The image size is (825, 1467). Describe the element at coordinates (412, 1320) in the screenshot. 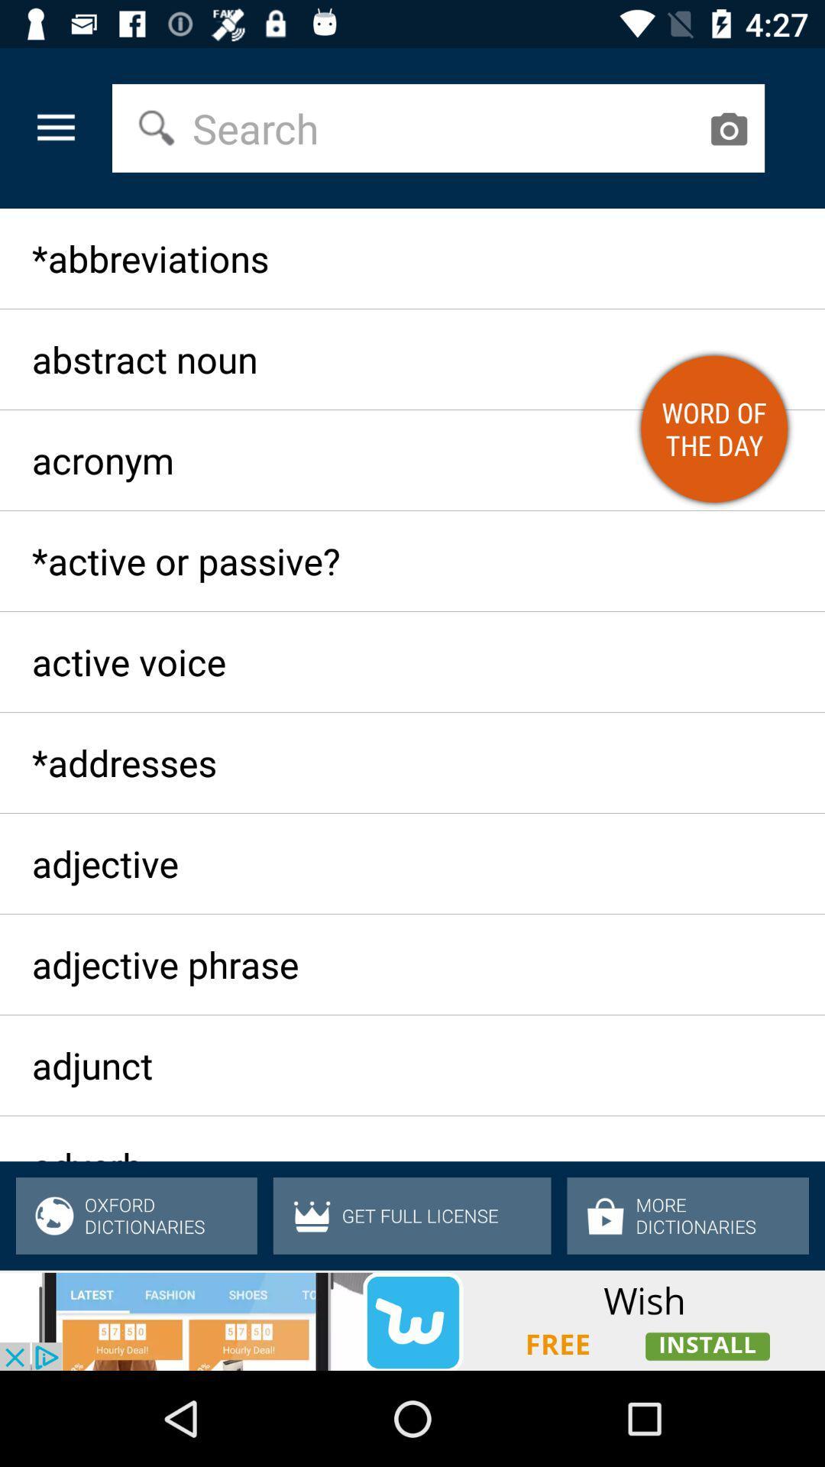

I see `banner` at that location.